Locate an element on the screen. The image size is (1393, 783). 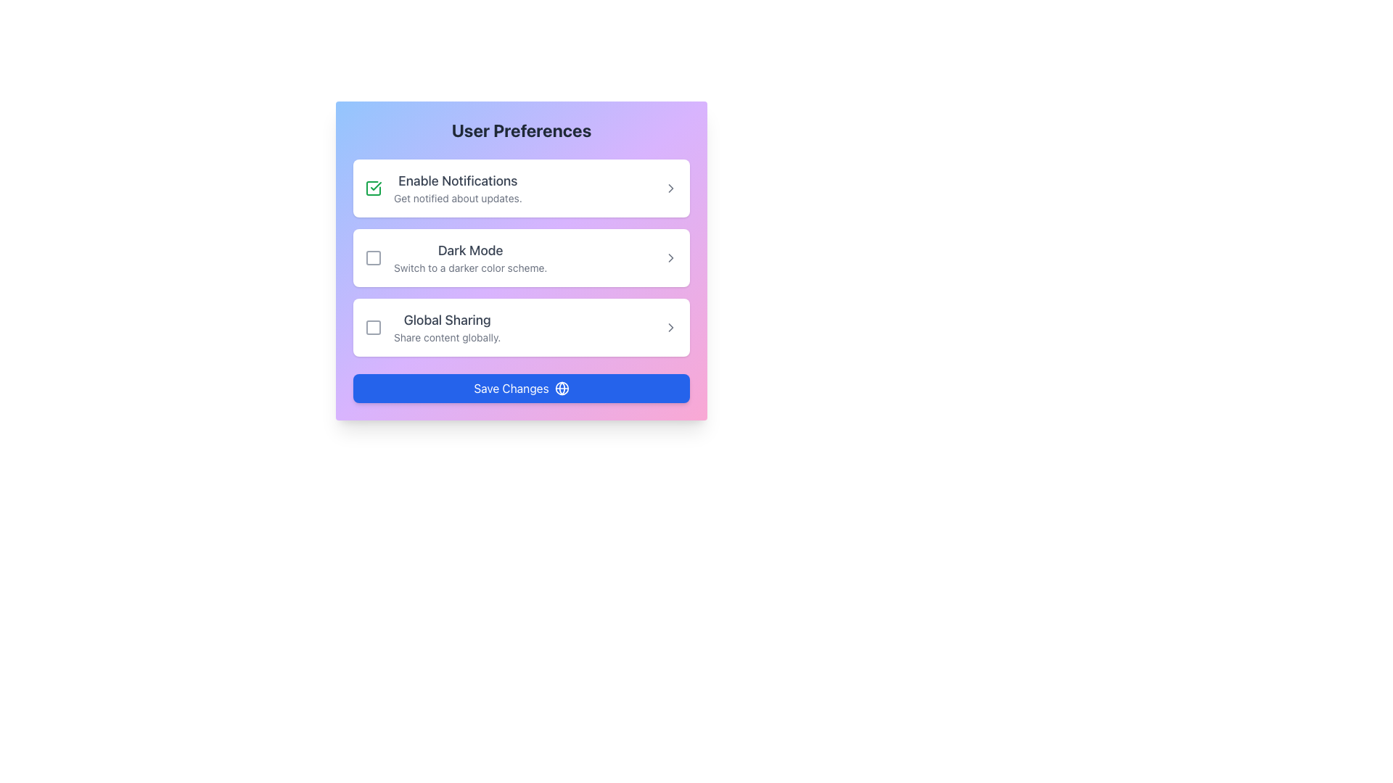
the checkbox icon located to the left of the 'Global Sharing' text in the third row of the settings list is located at coordinates (373, 327).